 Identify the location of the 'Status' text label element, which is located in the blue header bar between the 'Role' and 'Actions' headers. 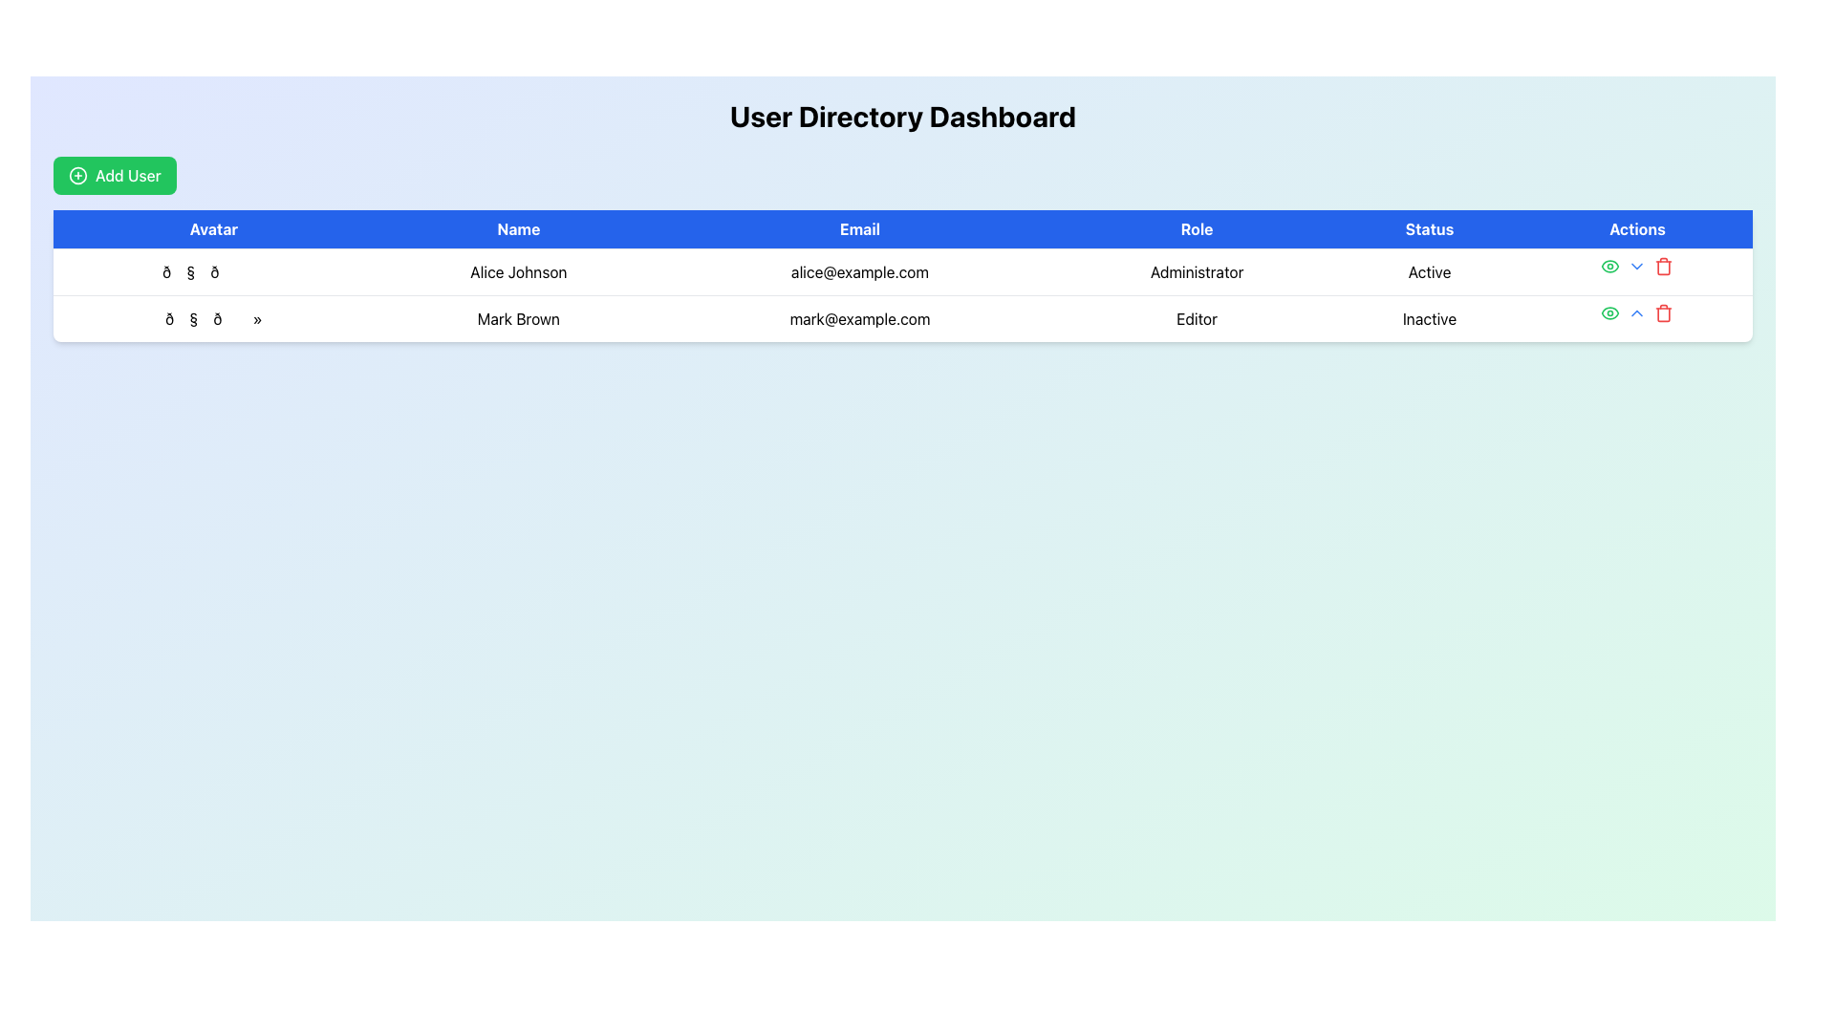
(1429, 228).